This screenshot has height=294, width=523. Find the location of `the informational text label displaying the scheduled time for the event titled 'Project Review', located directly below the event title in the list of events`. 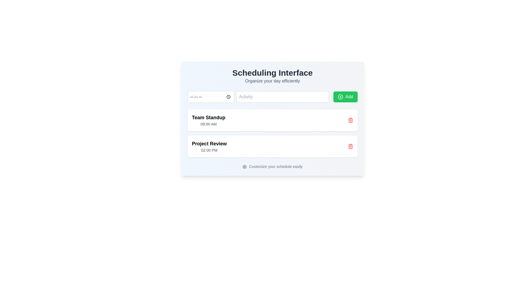

the informational text label displaying the scheduled time for the event titled 'Project Review', located directly below the event title in the list of events is located at coordinates (209, 150).